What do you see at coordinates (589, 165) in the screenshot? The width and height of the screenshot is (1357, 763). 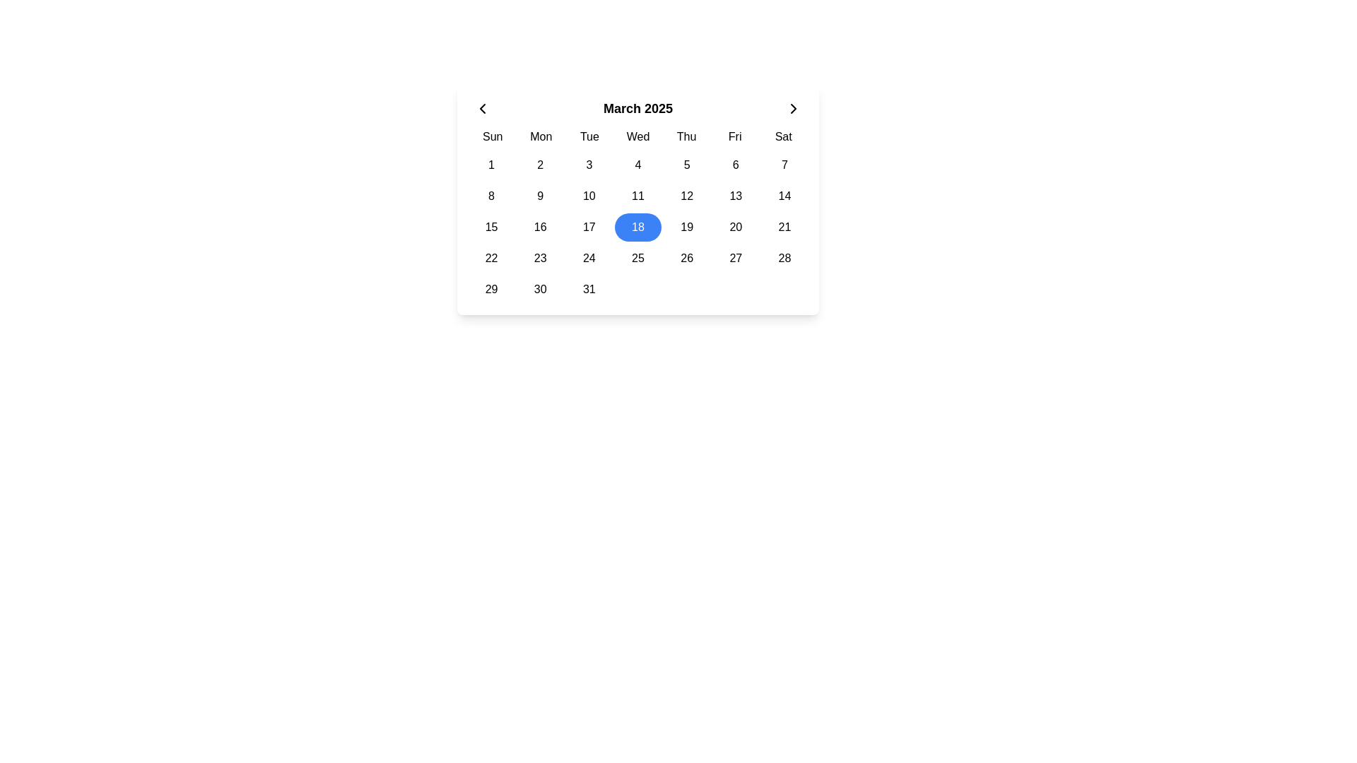 I see `the button for selecting the number '3' in the calendar interface, which is the third interactive item in the grid layout` at bounding box center [589, 165].